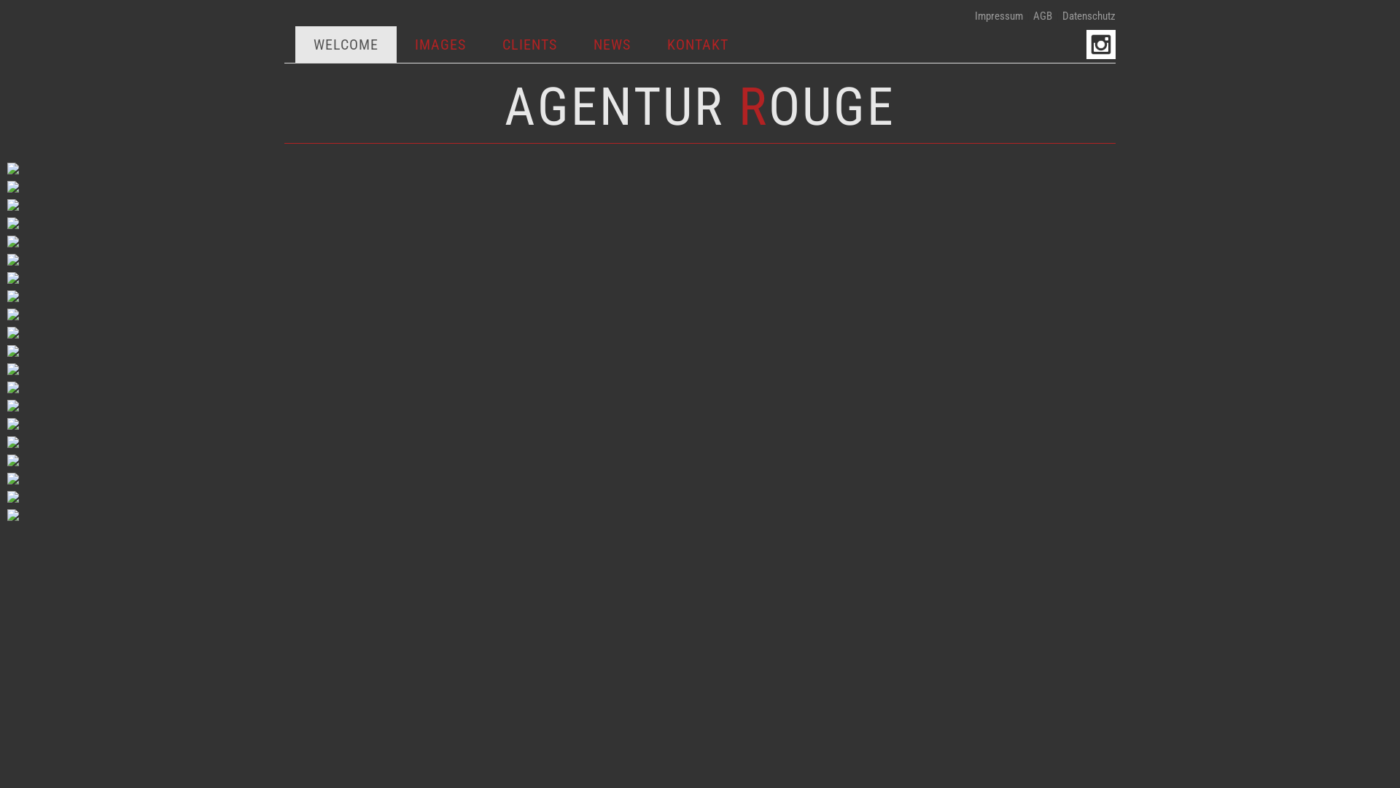 Image resolution: width=1400 pixels, height=788 pixels. I want to click on 'KONTAKT', so click(696, 44).